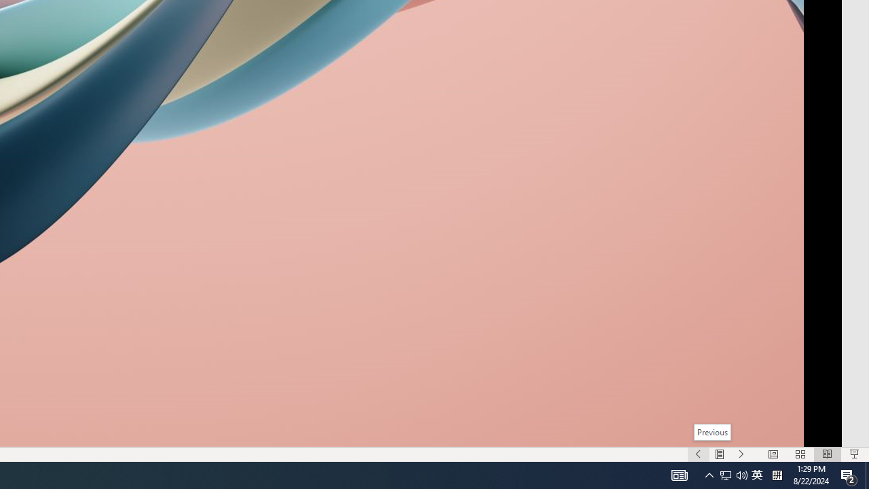  What do you see at coordinates (698, 454) in the screenshot?
I see `'Slide Show Previous On'` at bounding box center [698, 454].